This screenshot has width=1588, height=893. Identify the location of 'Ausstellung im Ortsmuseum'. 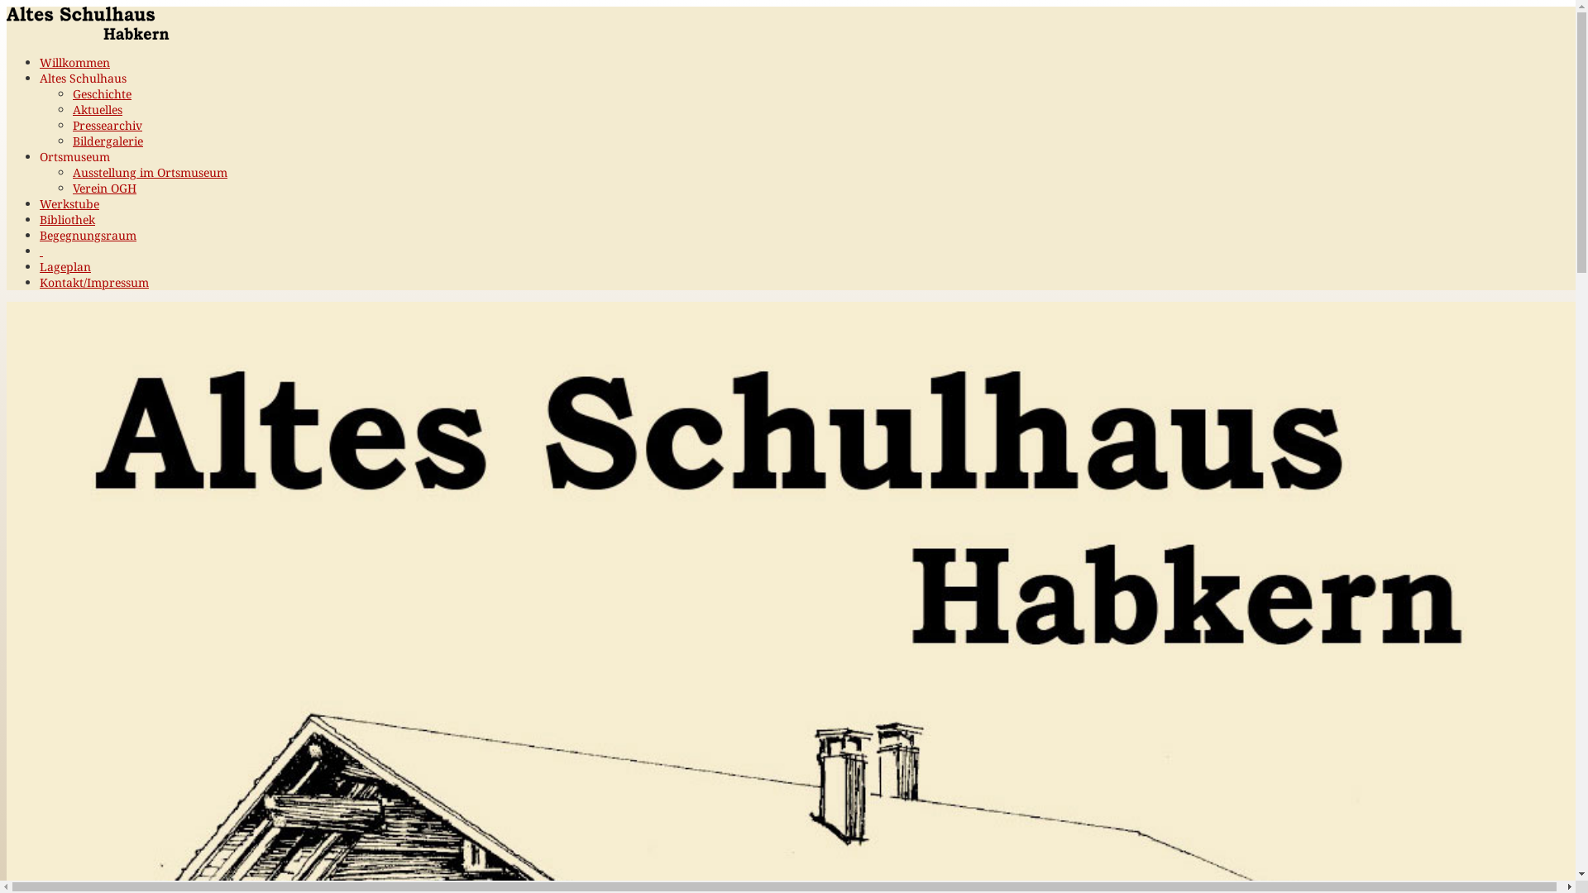
(71, 172).